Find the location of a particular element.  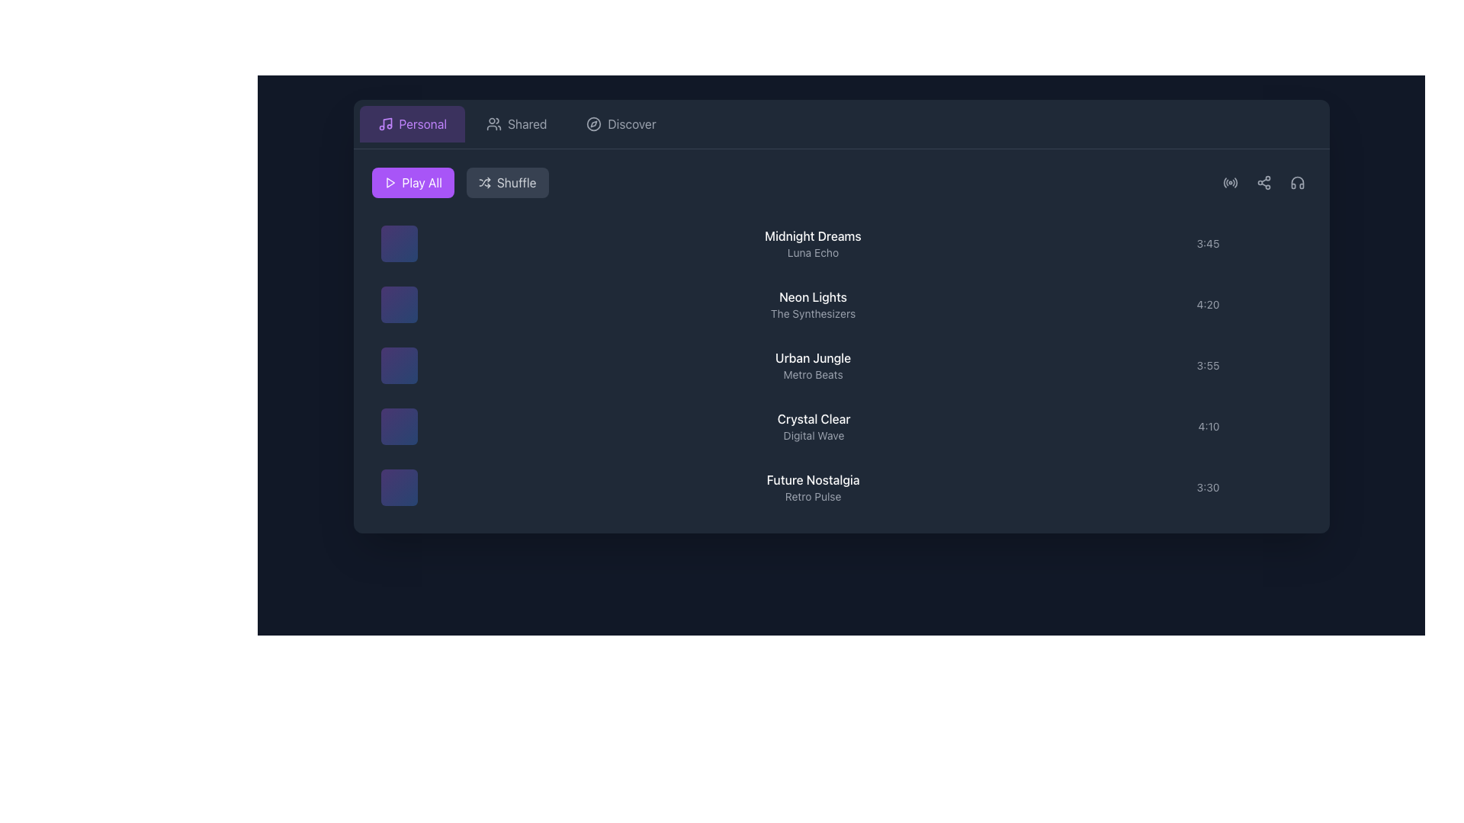

static text display labeled 'Future Nostalgia' with a subtitle 'Retro Pulse', located in the center-right area of the list is located at coordinates (812, 488).